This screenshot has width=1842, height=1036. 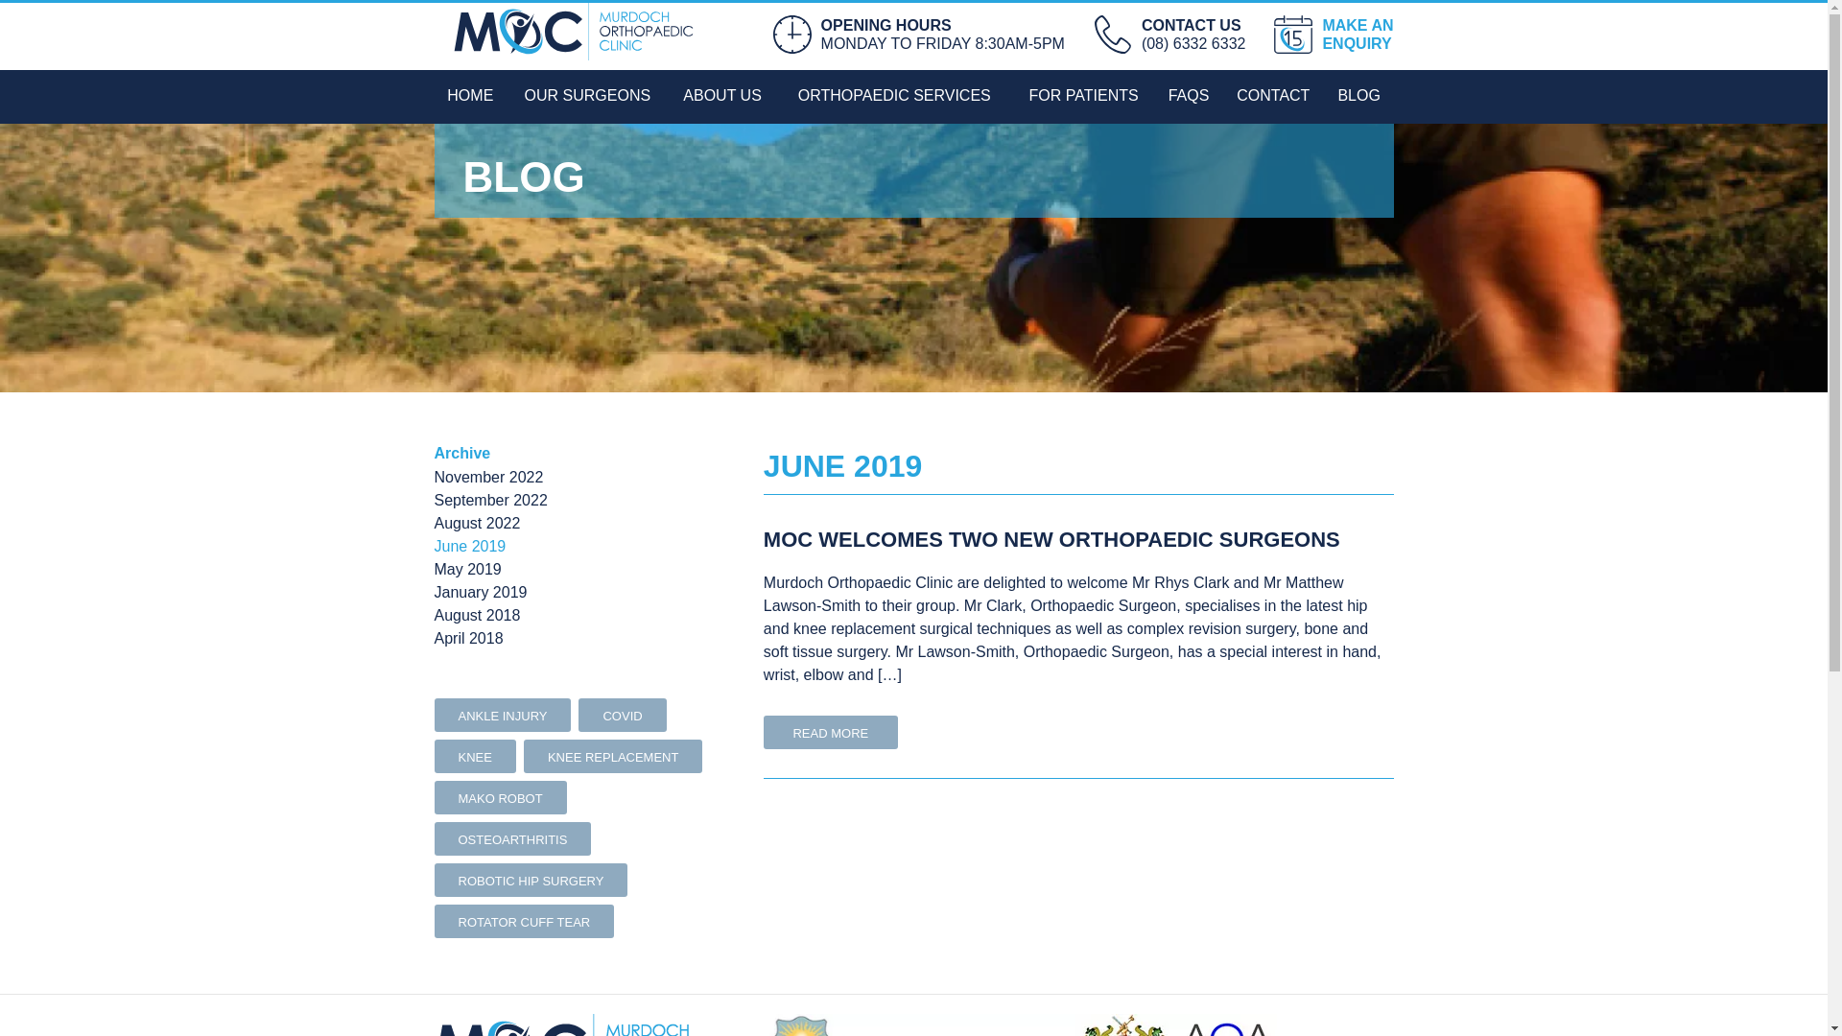 What do you see at coordinates (1187, 96) in the screenshot?
I see `'FAQS'` at bounding box center [1187, 96].